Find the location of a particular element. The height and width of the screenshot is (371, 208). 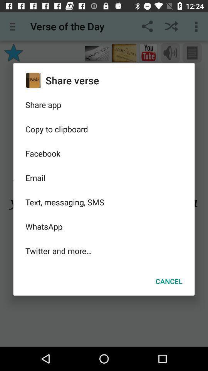

cancel at the bottom right corner is located at coordinates (168, 281).